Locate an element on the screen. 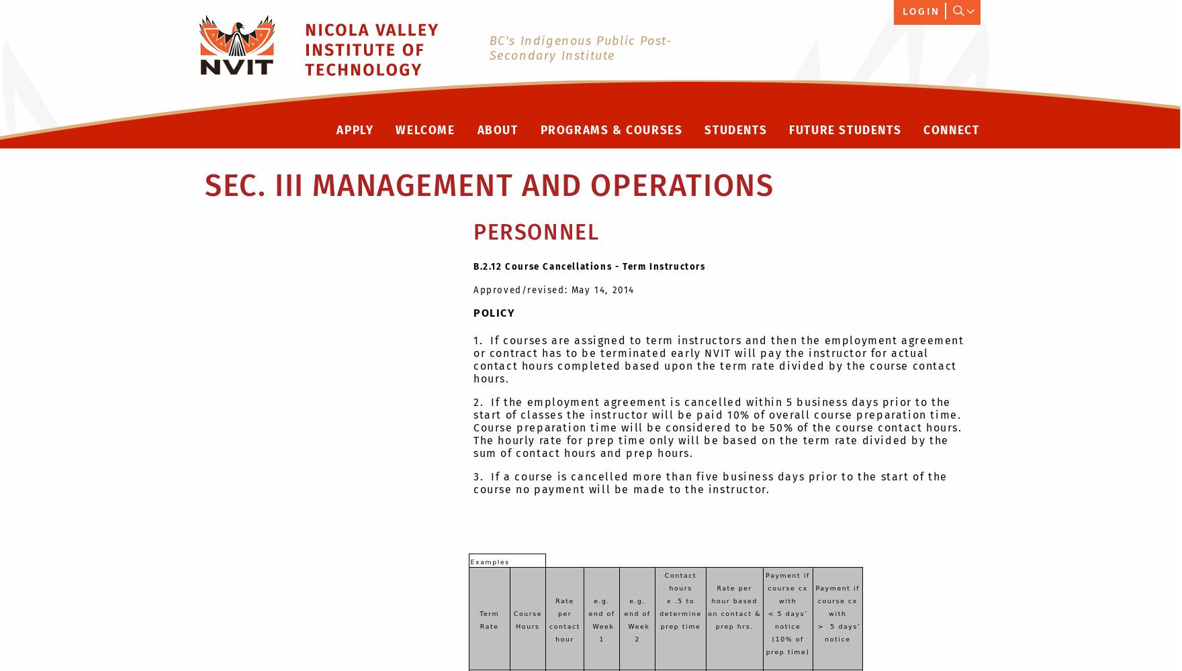 Image resolution: width=1182 pixels, height=671 pixels. '>  5 days’ notice' is located at coordinates (836, 631).